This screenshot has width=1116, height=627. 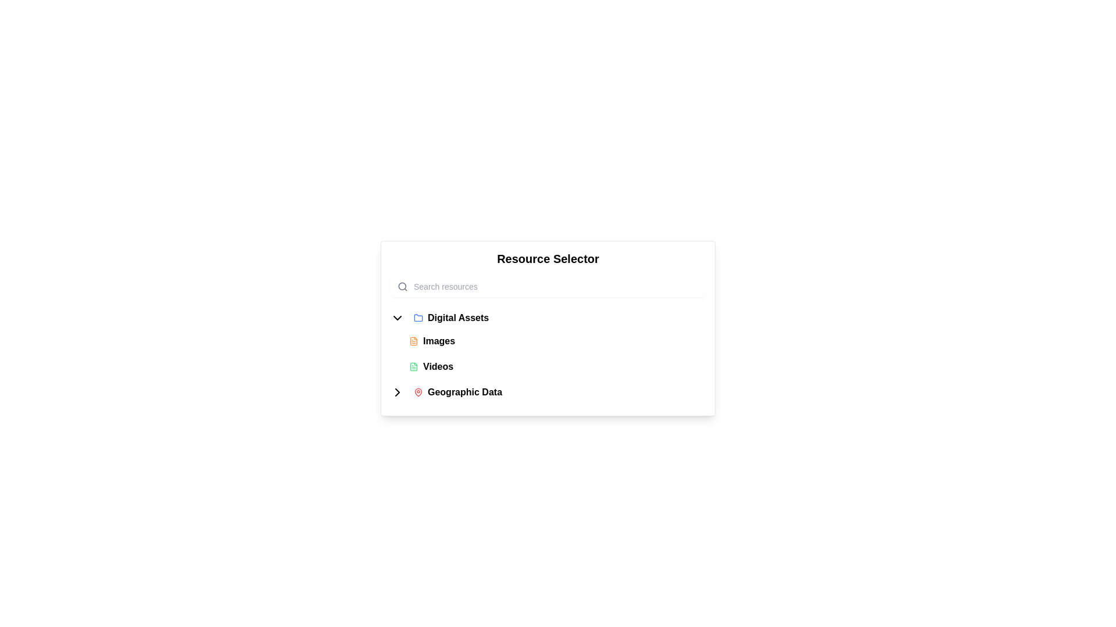 What do you see at coordinates (438, 367) in the screenshot?
I see `the 'Videos' label within the interactive button located in the 'Resource Selector' panel under the 'Digital Assets' dropdown` at bounding box center [438, 367].